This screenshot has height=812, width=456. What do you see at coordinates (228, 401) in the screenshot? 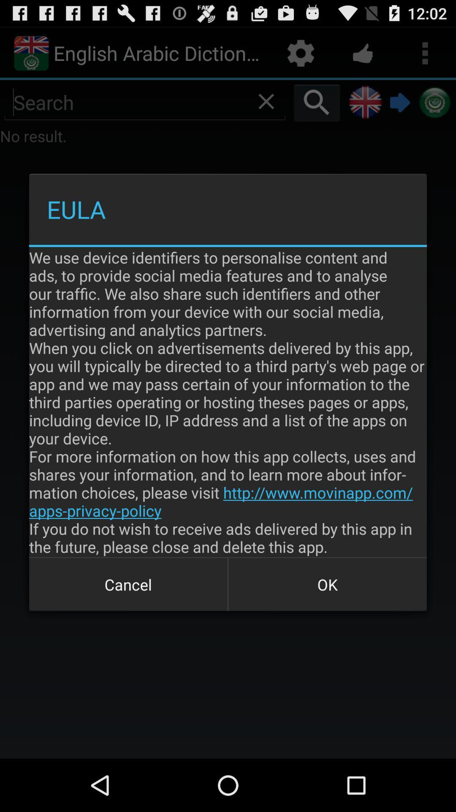
I see `the we use device app` at bounding box center [228, 401].